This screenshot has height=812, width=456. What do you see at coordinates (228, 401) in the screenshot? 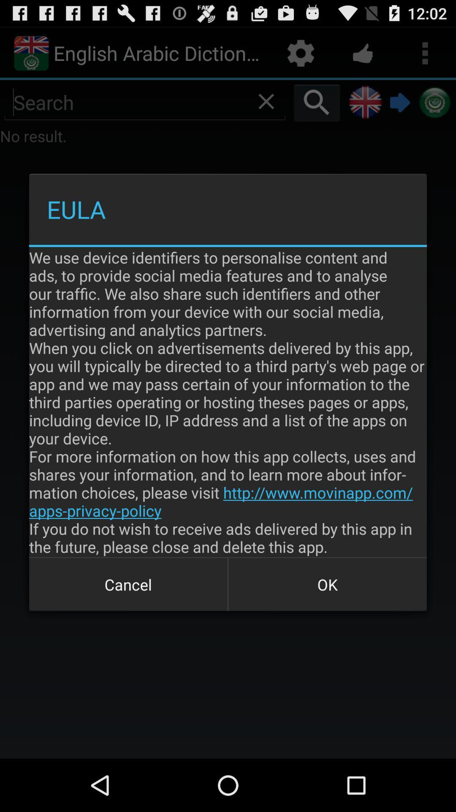
I see `the we use device app` at bounding box center [228, 401].